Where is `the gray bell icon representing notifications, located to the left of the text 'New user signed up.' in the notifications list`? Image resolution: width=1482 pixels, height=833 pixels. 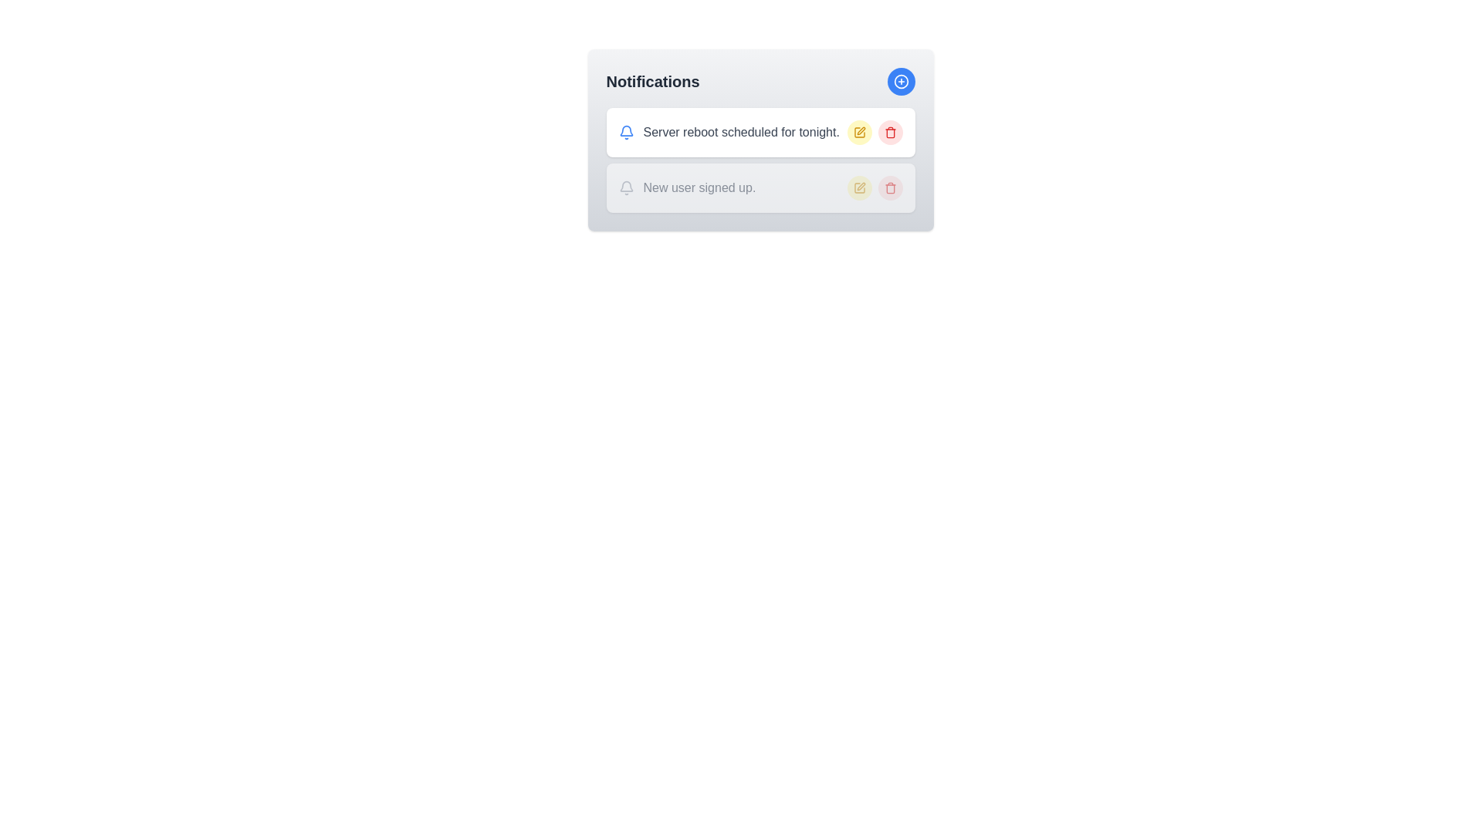
the gray bell icon representing notifications, located to the left of the text 'New user signed up.' in the notifications list is located at coordinates (626, 187).